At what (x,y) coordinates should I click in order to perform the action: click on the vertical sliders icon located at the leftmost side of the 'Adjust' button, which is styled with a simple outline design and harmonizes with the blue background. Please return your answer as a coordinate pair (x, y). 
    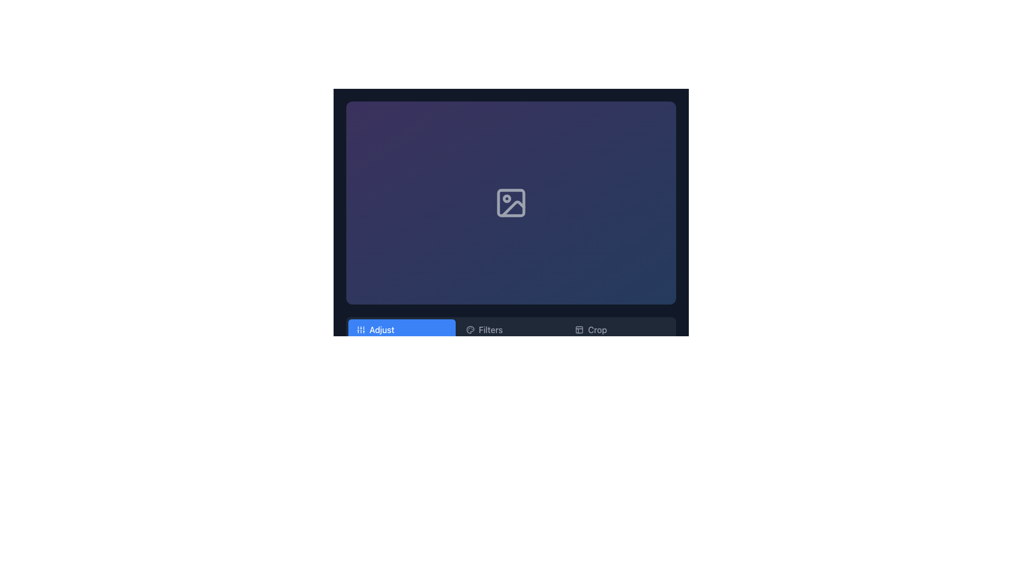
    Looking at the image, I should click on (361, 329).